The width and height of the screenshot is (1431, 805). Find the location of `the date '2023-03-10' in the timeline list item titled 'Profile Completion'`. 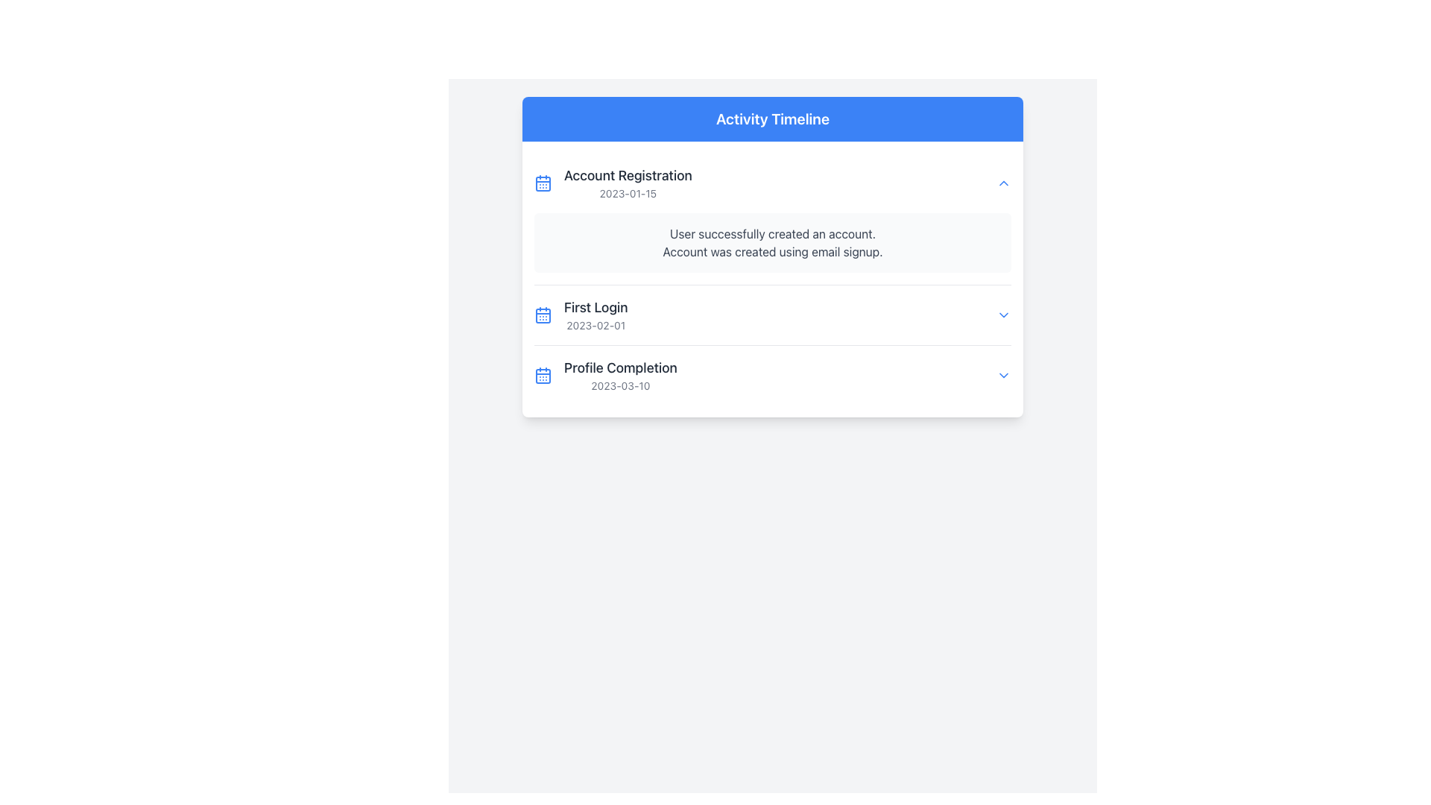

the date '2023-03-10' in the timeline list item titled 'Profile Completion' is located at coordinates (772, 375).